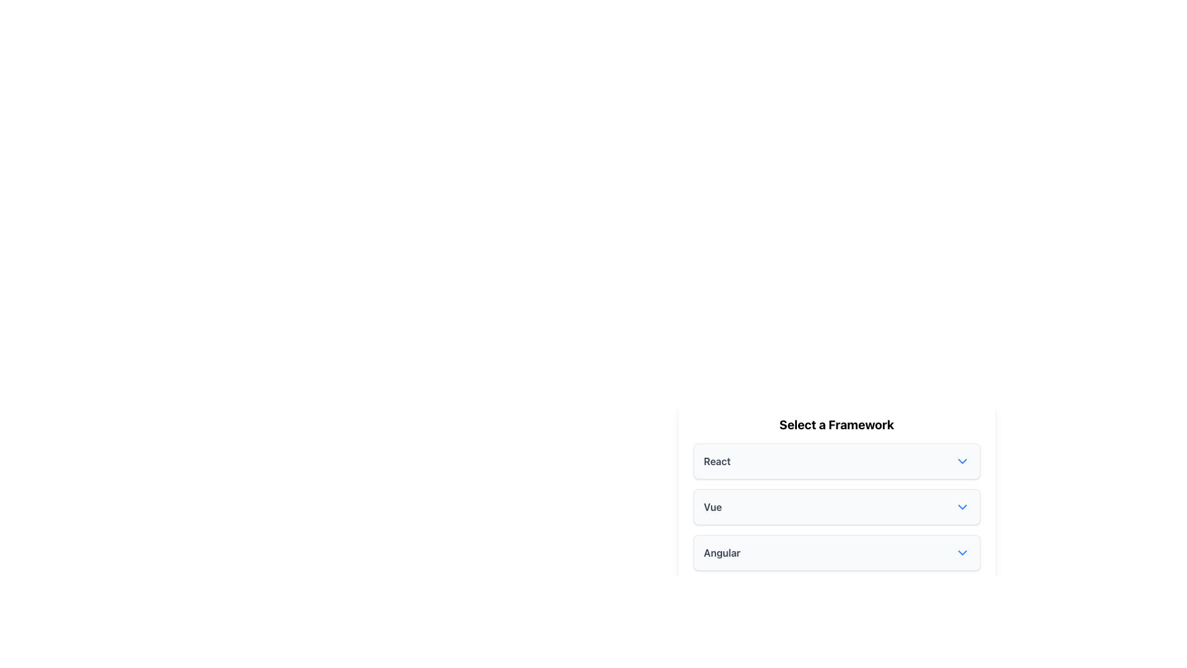  I want to click on the 'Angular' framework by clicking on the third option in the framework selection menu located below 'Vue' and above 'Svelte', so click(836, 552).